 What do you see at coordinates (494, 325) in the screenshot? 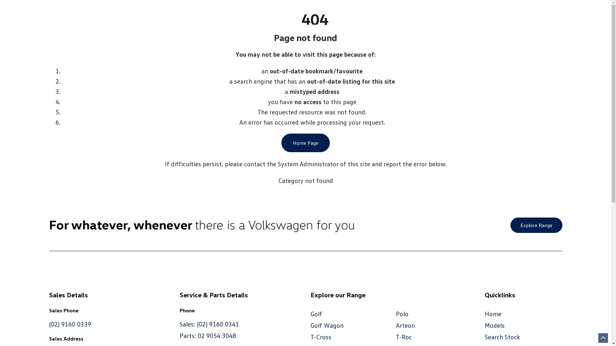
I see `'Models'` at bounding box center [494, 325].